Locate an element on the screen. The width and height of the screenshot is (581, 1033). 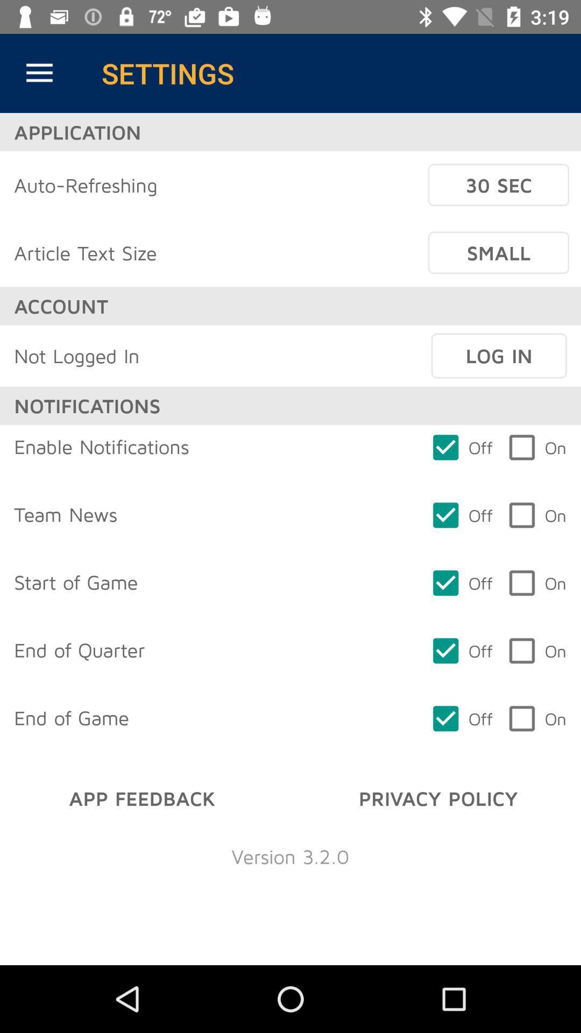
the version 3 2 is located at coordinates (290, 855).